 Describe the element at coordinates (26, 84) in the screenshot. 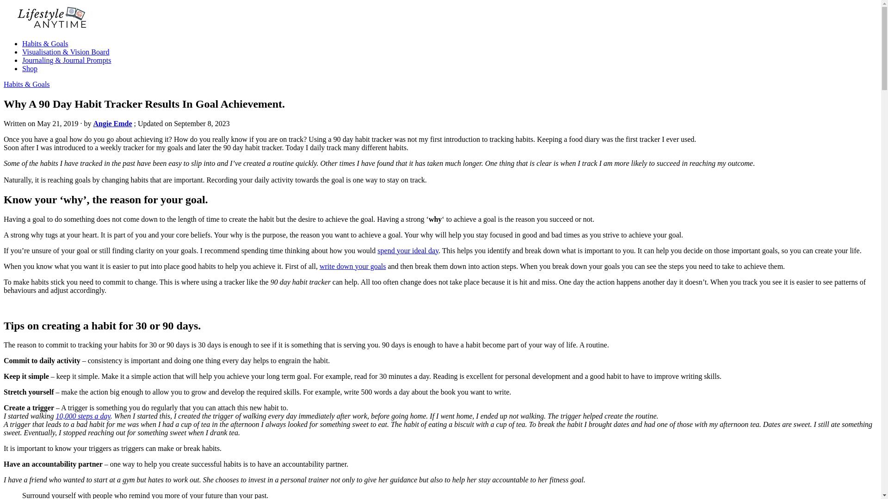

I see `'Habits & Goals'` at that location.